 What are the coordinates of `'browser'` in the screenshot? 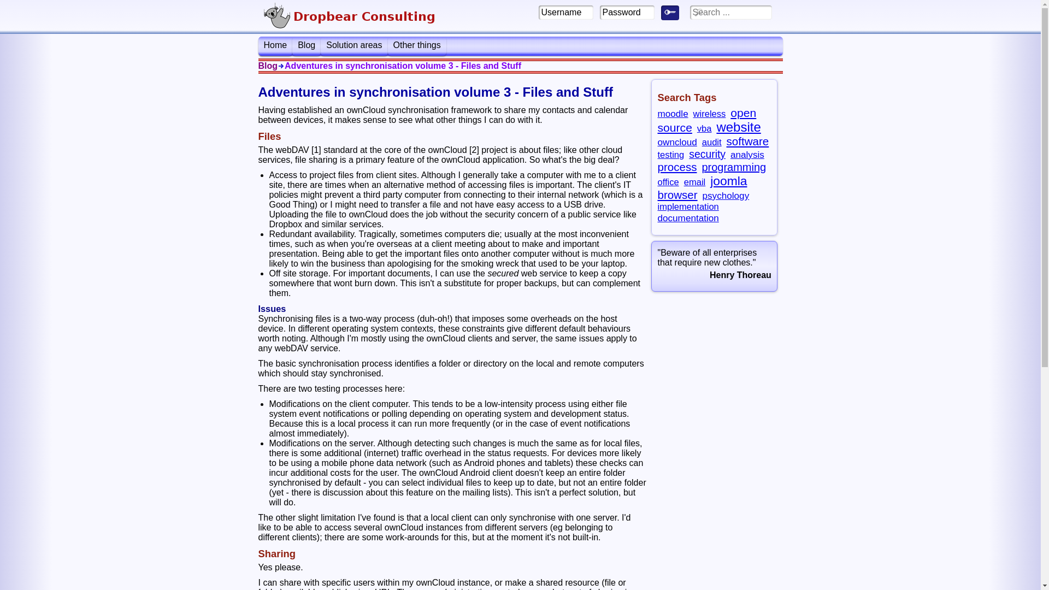 It's located at (676, 194).